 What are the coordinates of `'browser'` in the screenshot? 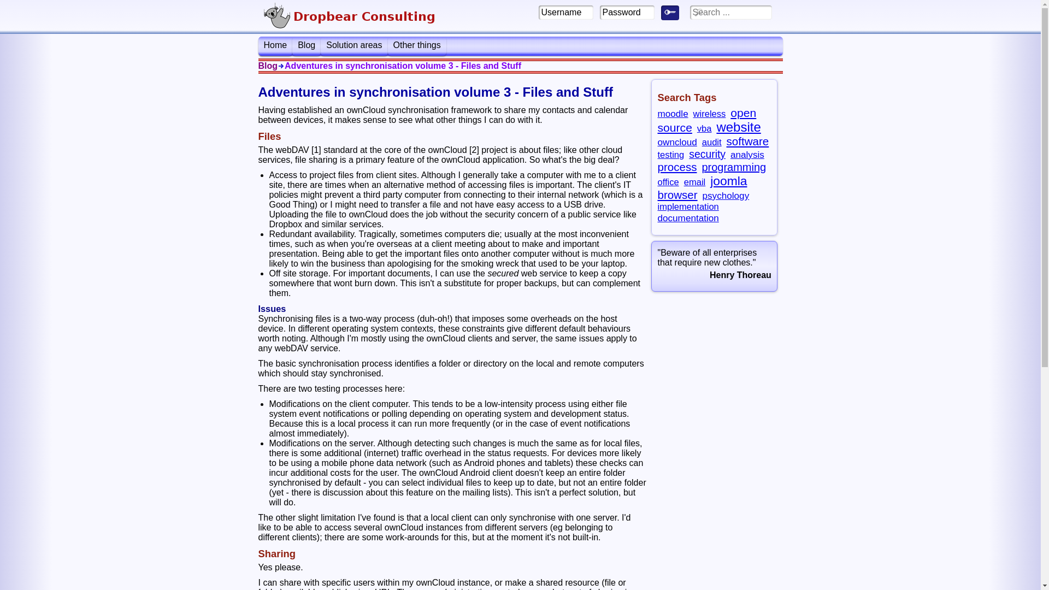 It's located at (676, 194).